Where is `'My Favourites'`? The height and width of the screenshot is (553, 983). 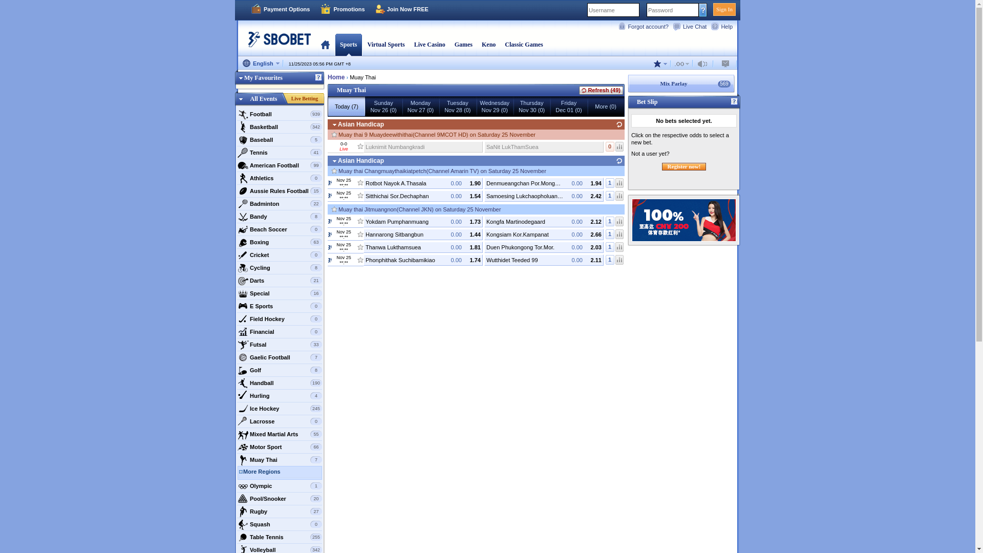
'My Favourites' is located at coordinates (280, 79).